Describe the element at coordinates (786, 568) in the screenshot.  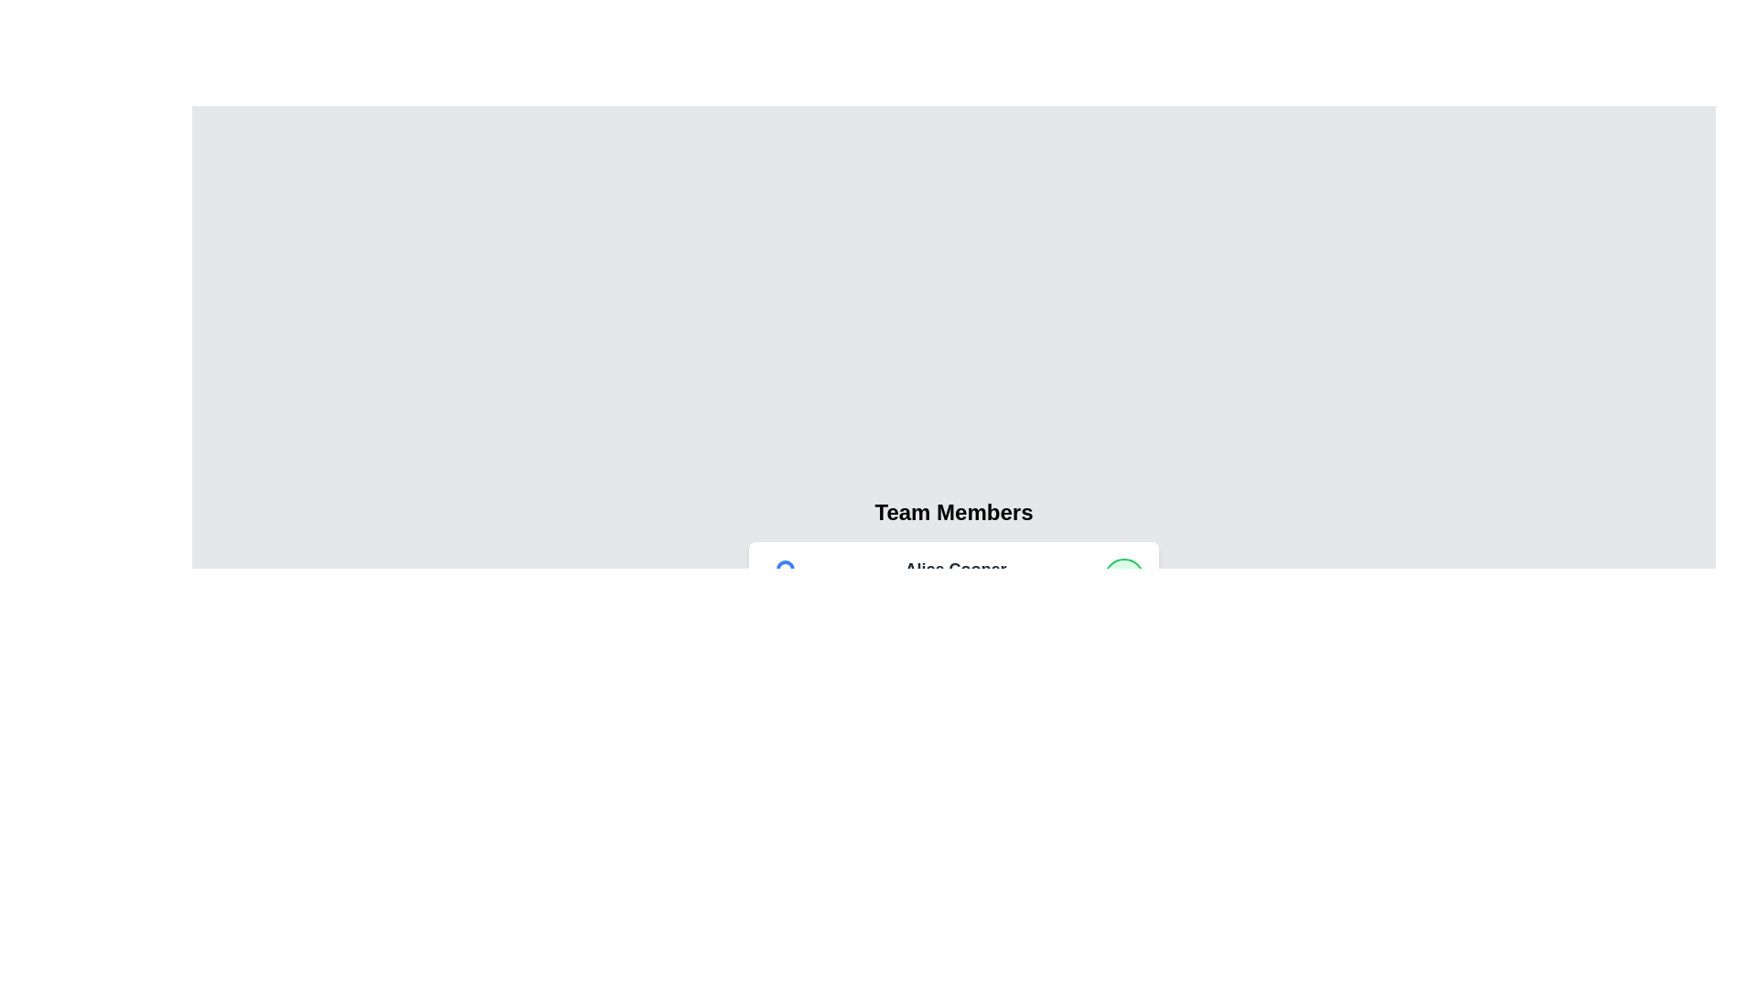
I see `the SVG Circle that represents the user profile icon for 'Alice Cooper' located in the 'Team Members' section of the card` at that location.